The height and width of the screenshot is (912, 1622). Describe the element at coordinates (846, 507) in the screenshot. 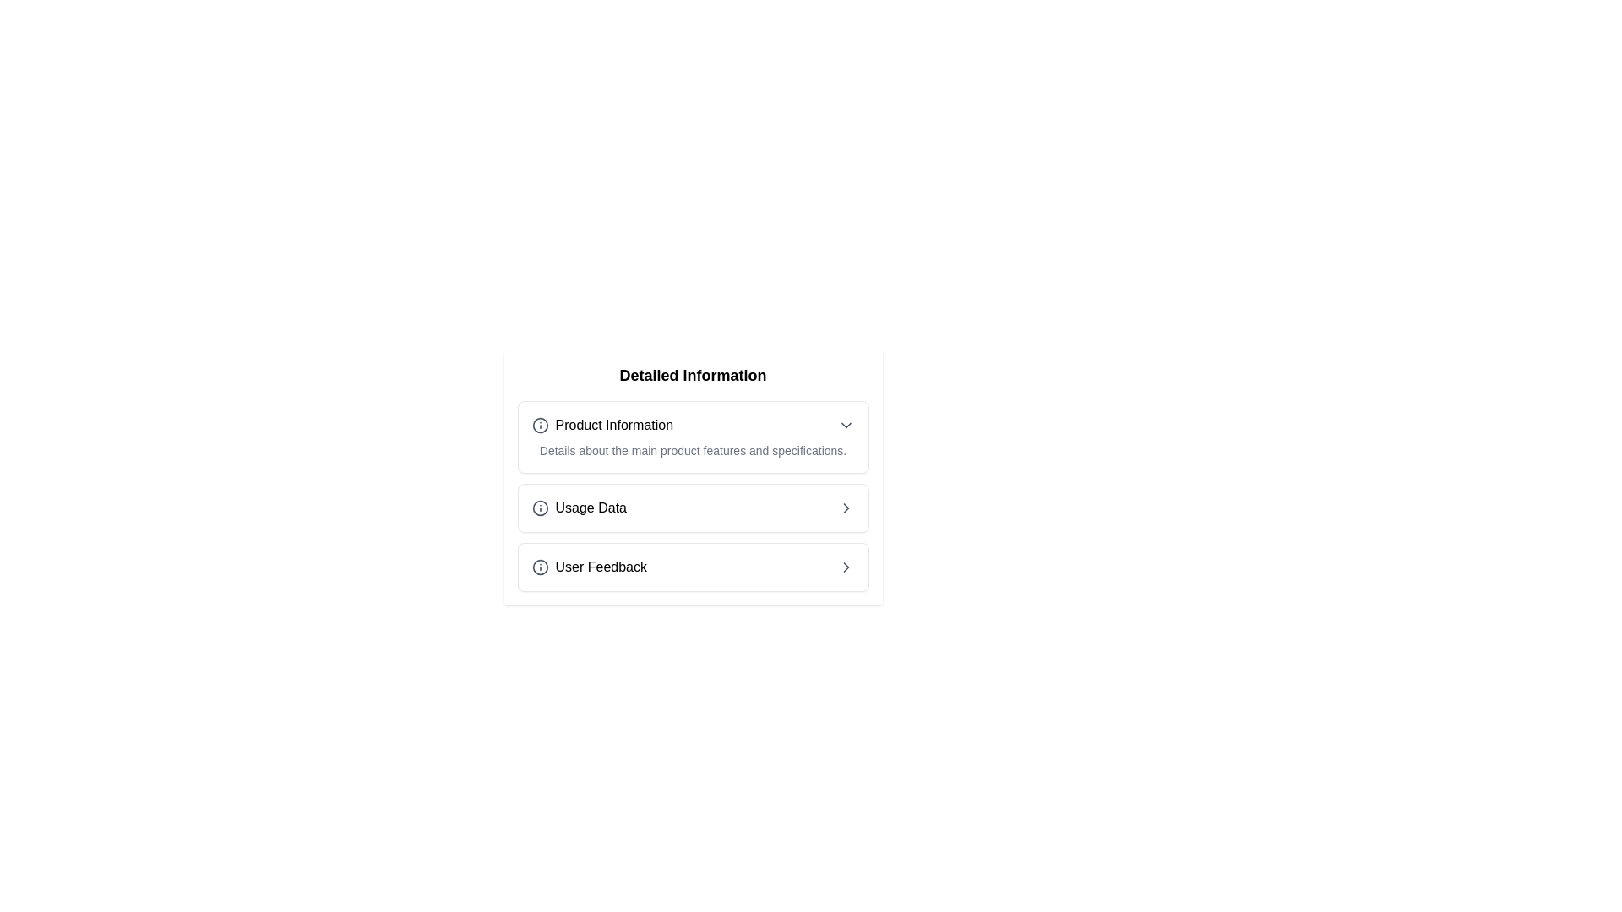

I see `the chevron-right icon that indicates the 'Usage Data' section can be interacted with, positioned at the far right of the 'Usage Data' line` at that location.